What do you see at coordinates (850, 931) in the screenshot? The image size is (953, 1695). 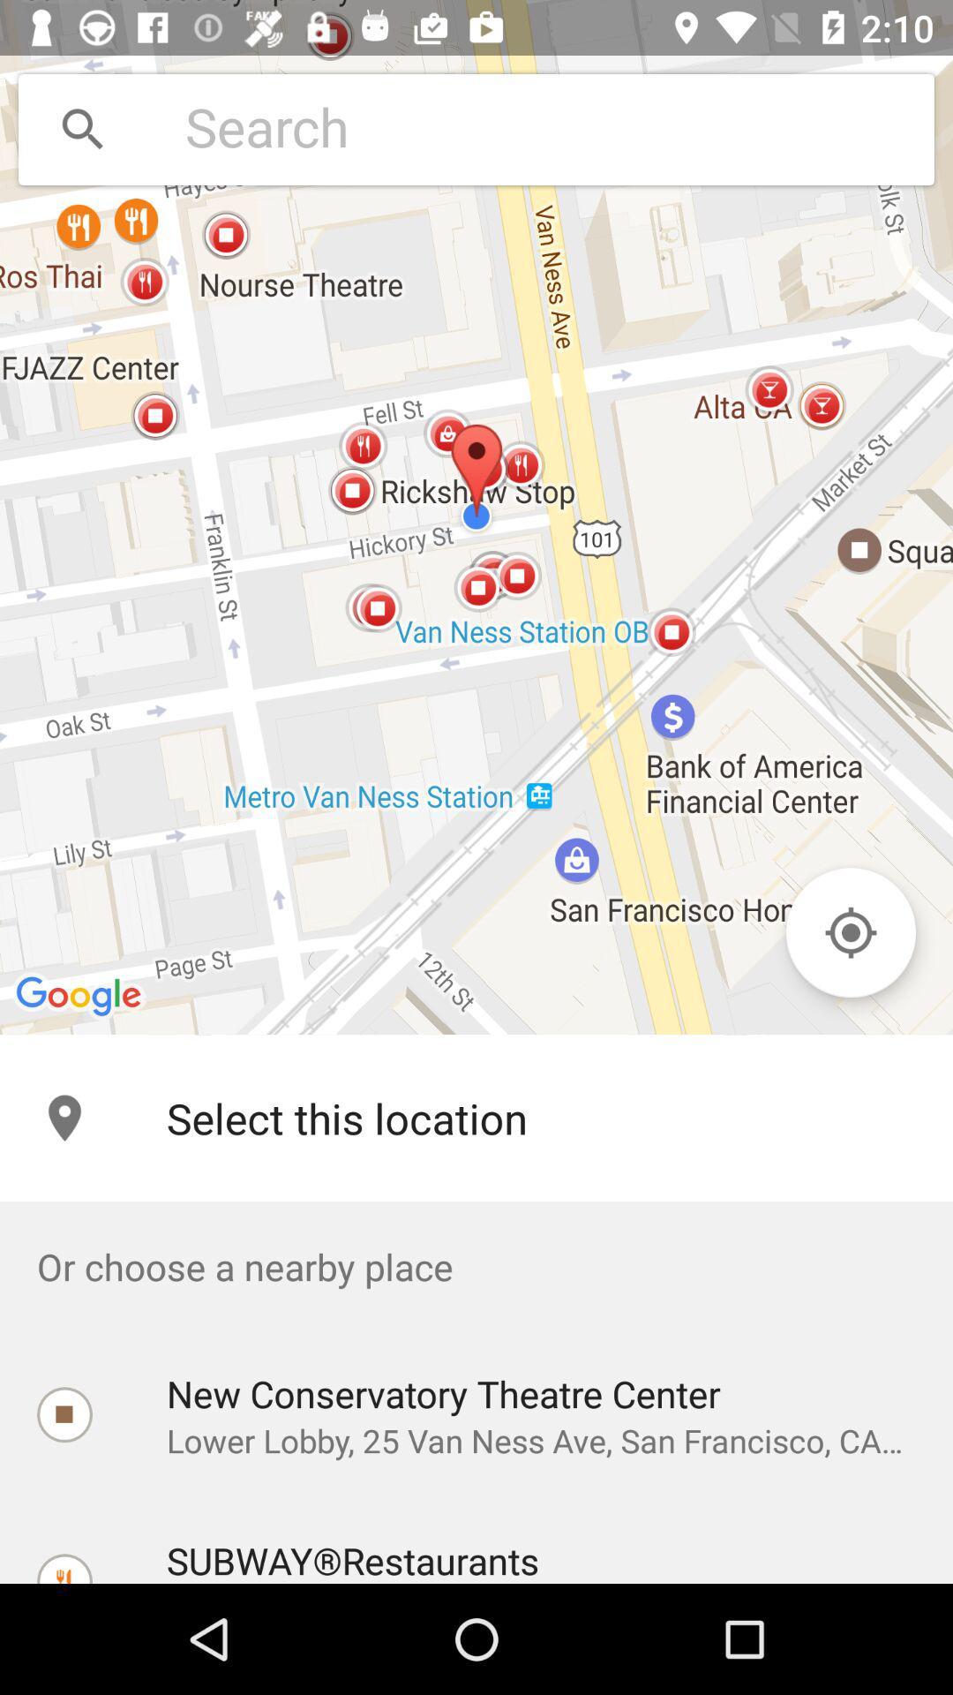 I see `the location_crosshair icon` at bounding box center [850, 931].